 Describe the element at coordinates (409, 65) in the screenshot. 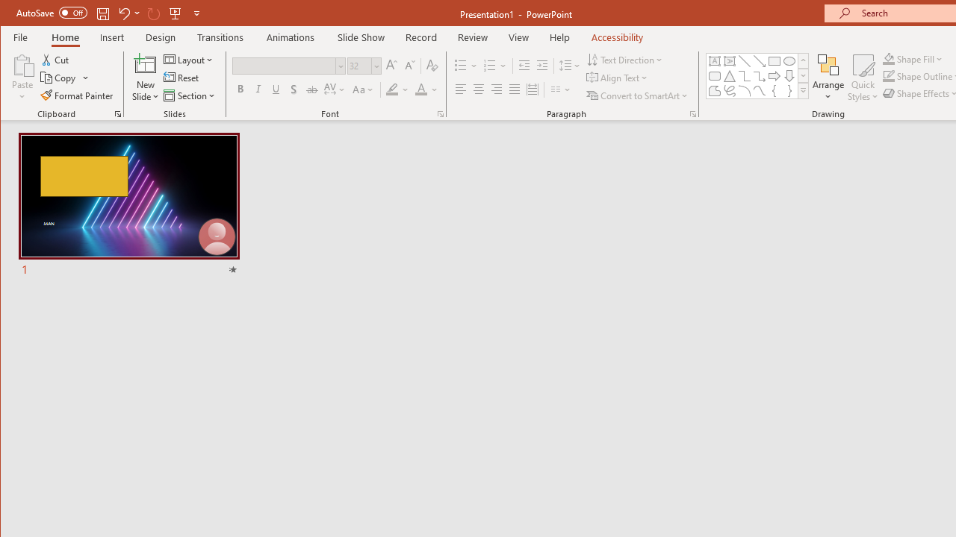

I see `'Decrease Font Size'` at that location.